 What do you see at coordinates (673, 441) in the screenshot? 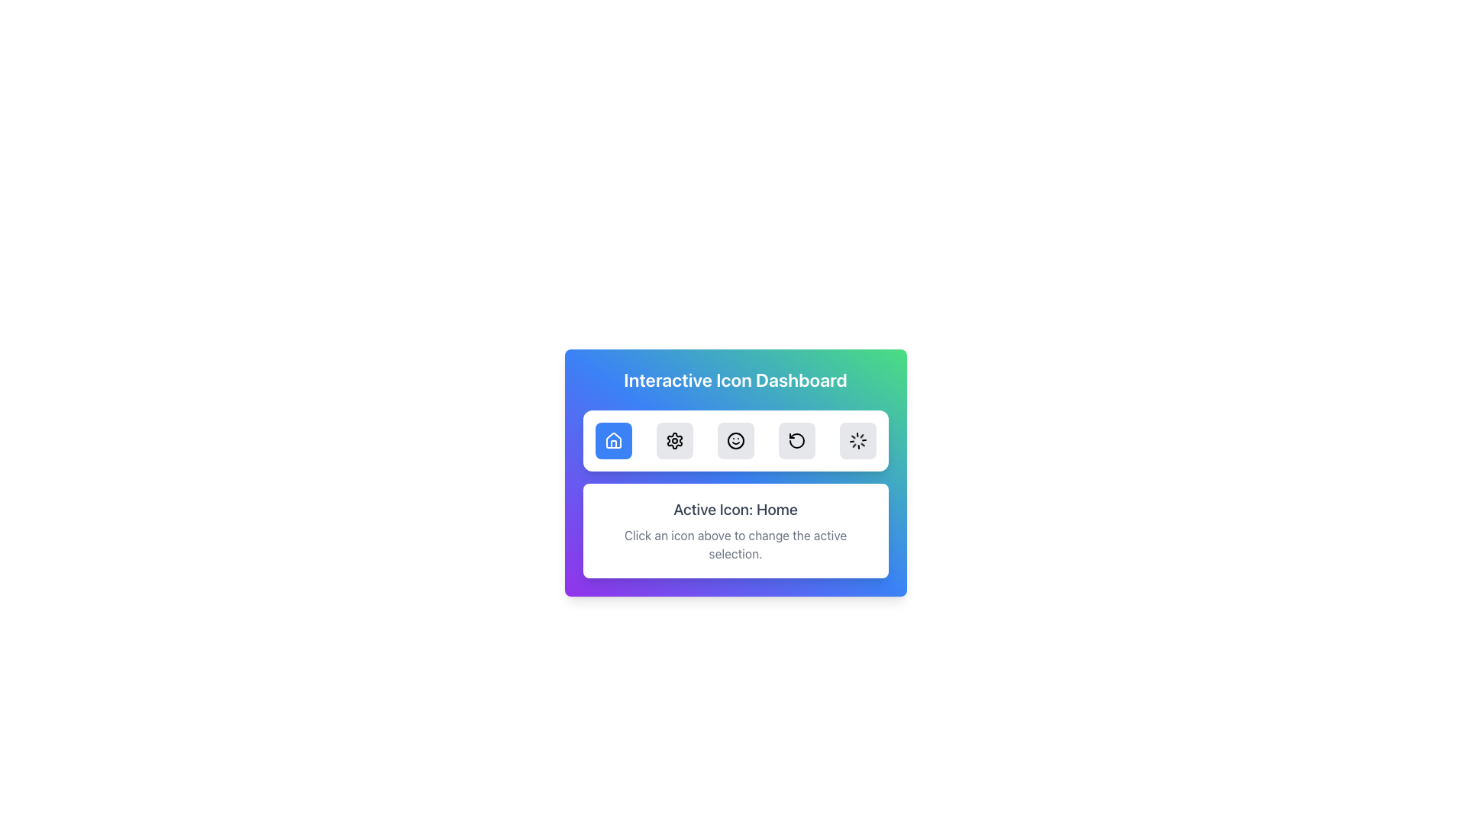
I see `the cogwheel icon button, which is the second icon in the top row of the Interactive Icon Dashboard` at bounding box center [673, 441].